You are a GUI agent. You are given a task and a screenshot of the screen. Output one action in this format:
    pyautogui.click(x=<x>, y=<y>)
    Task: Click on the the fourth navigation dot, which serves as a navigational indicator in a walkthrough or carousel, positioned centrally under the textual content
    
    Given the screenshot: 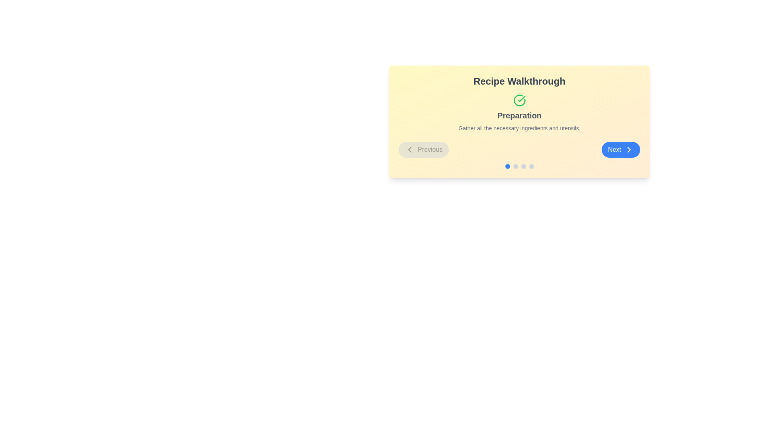 What is the action you would take?
    pyautogui.click(x=531, y=166)
    